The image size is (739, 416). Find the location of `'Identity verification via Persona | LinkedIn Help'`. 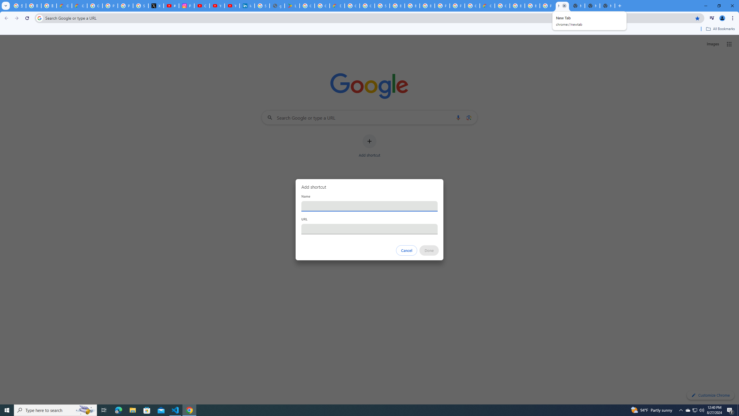

'Identity verification via Persona | LinkedIn Help' is located at coordinates (247, 5).